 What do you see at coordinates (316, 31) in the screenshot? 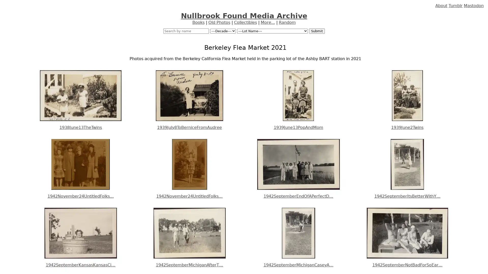
I see `Submit` at bounding box center [316, 31].